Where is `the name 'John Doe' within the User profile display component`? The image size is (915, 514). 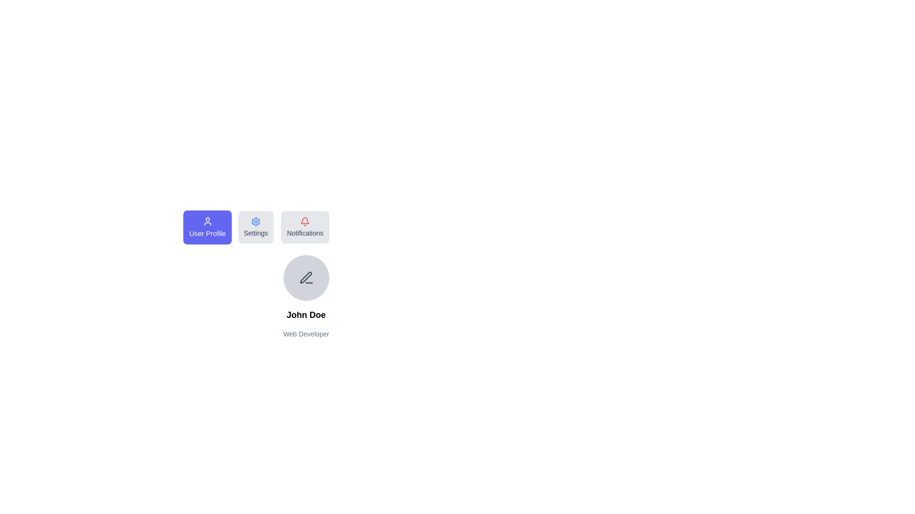 the name 'John Doe' within the User profile display component is located at coordinates (306, 297).